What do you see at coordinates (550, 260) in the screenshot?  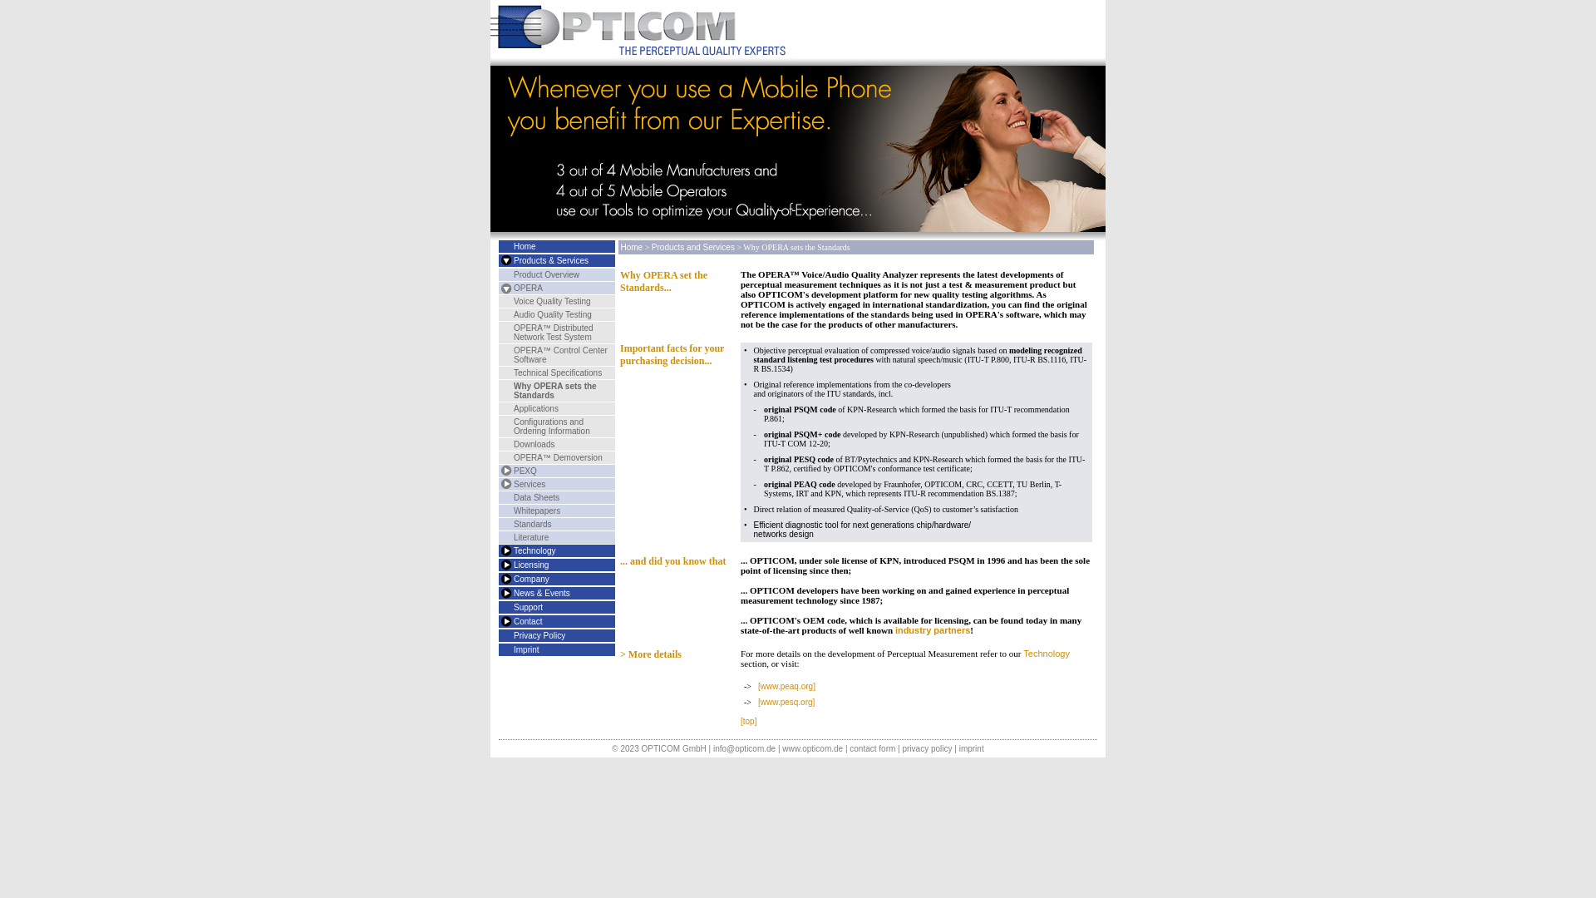 I see `'Products & Services'` at bounding box center [550, 260].